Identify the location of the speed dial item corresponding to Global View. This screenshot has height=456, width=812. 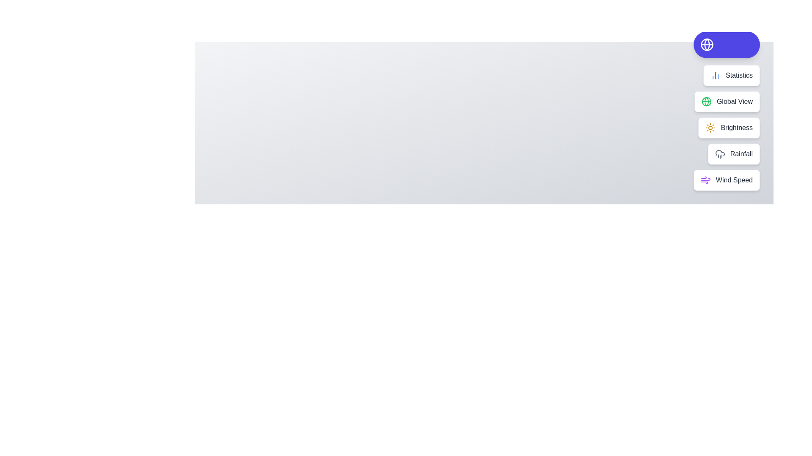
(727, 101).